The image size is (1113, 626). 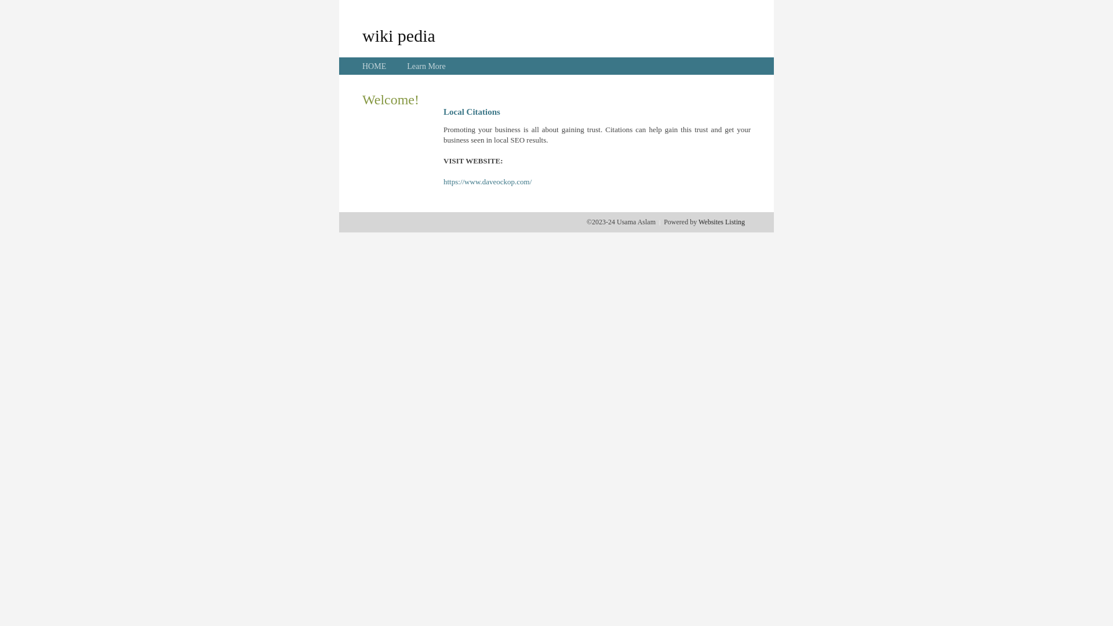 What do you see at coordinates (398, 35) in the screenshot?
I see `'wiki pedia'` at bounding box center [398, 35].